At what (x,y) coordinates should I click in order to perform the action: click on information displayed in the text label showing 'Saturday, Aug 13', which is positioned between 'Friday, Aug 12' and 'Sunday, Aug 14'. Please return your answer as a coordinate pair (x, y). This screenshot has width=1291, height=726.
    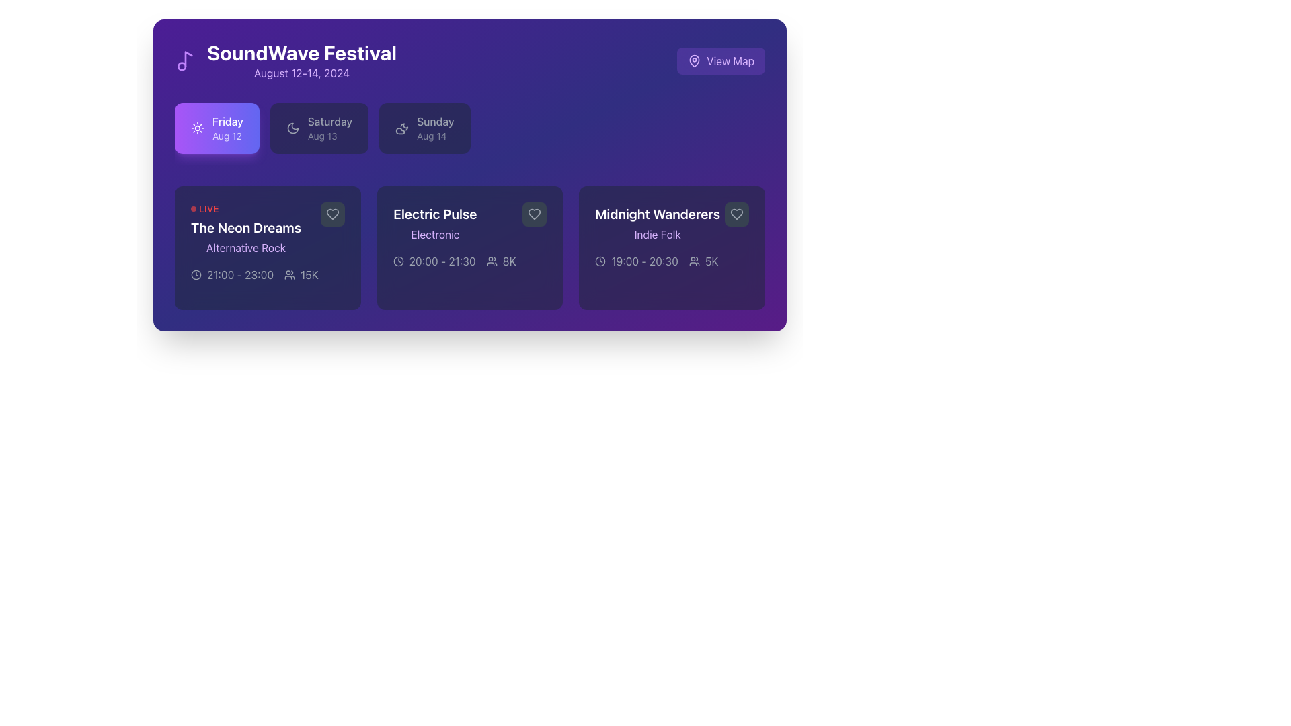
    Looking at the image, I should click on (329, 128).